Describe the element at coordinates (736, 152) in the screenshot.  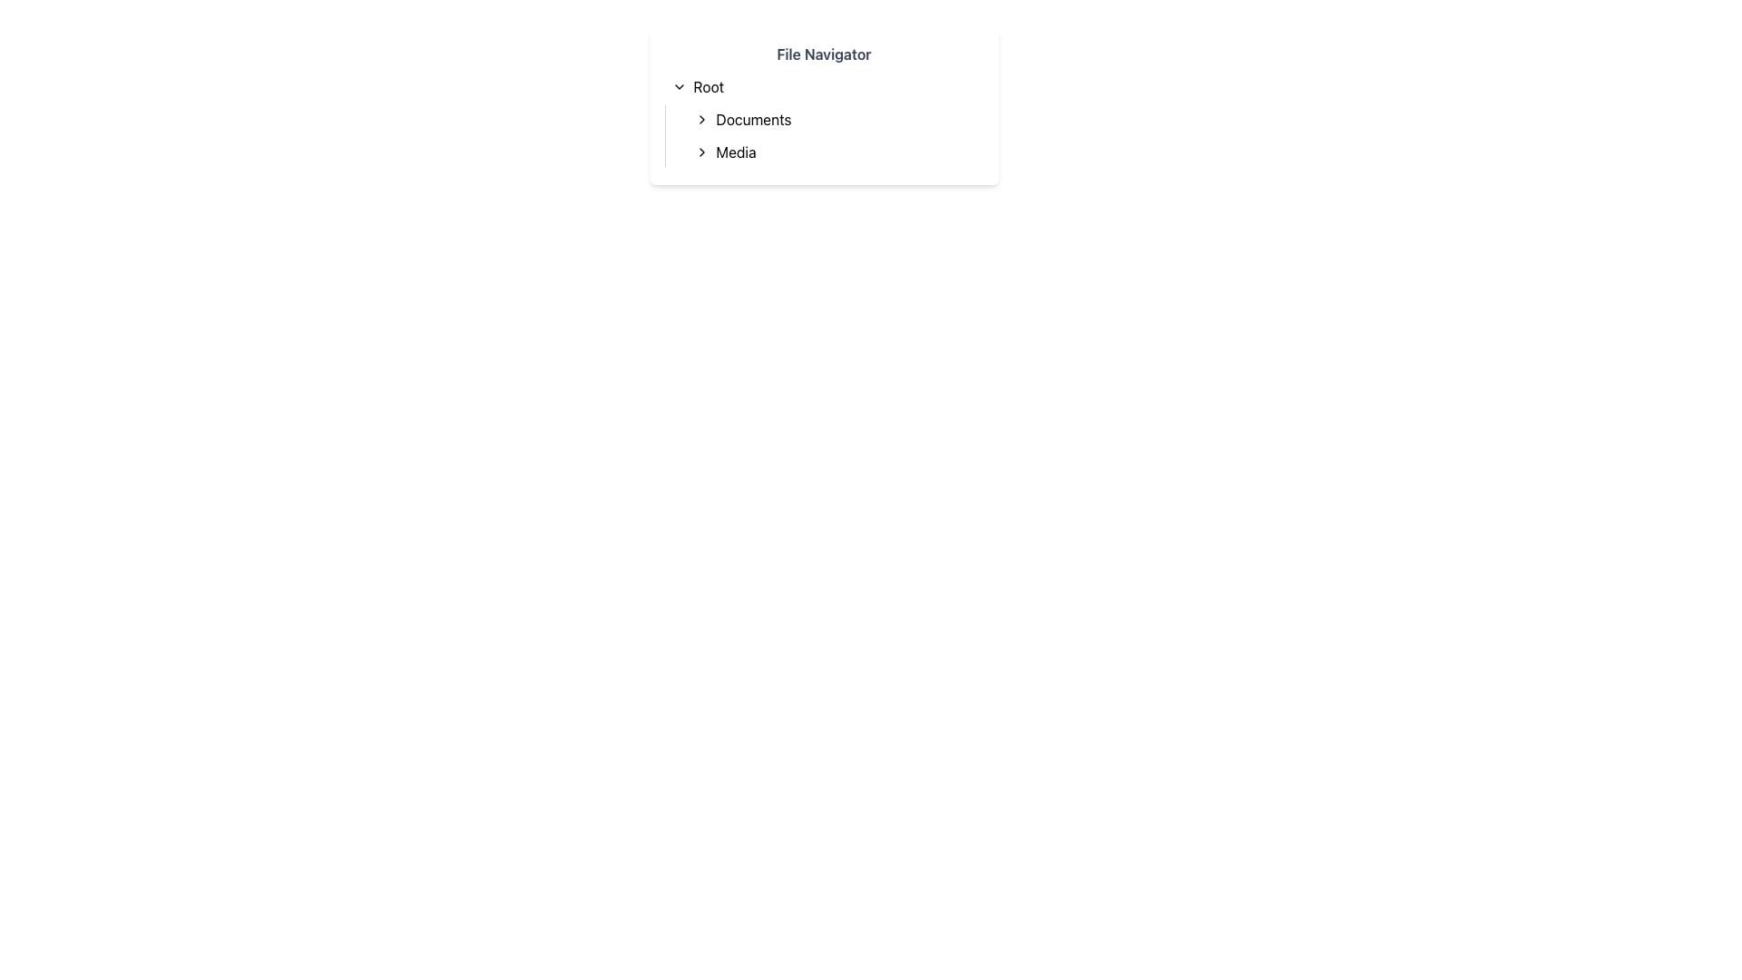
I see `the static text label displaying 'Media' located under the 'Documents' entry` at that location.